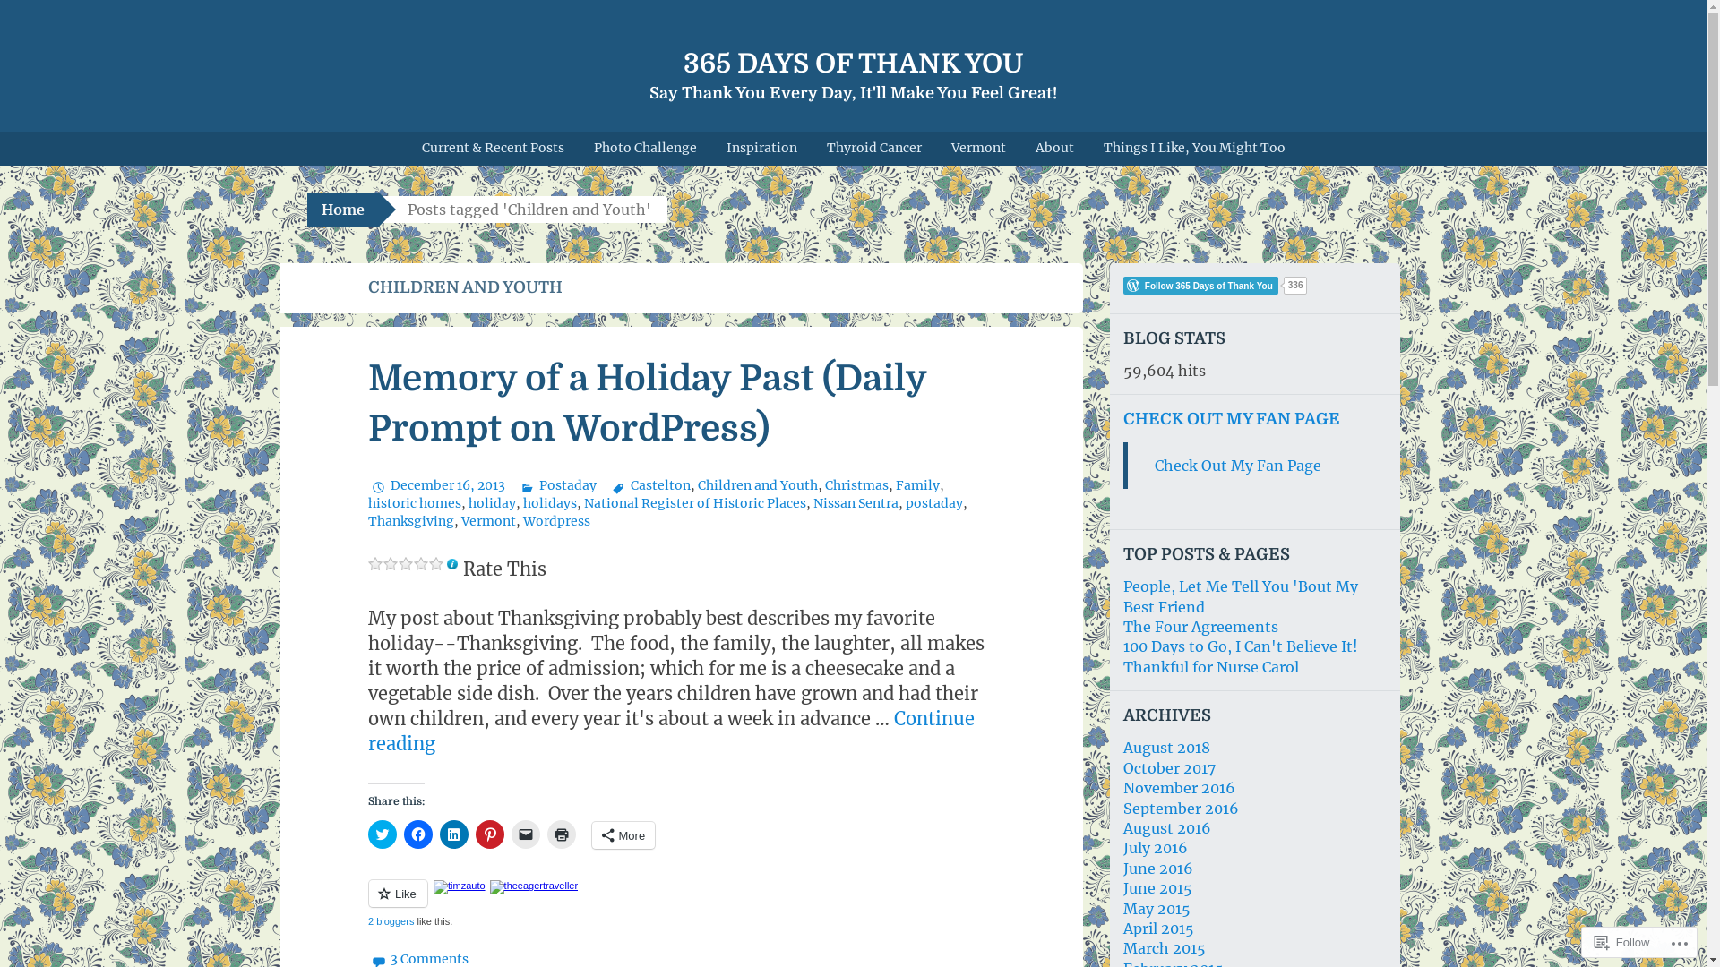 The image size is (1720, 967). What do you see at coordinates (468, 503) in the screenshot?
I see `'holiday'` at bounding box center [468, 503].